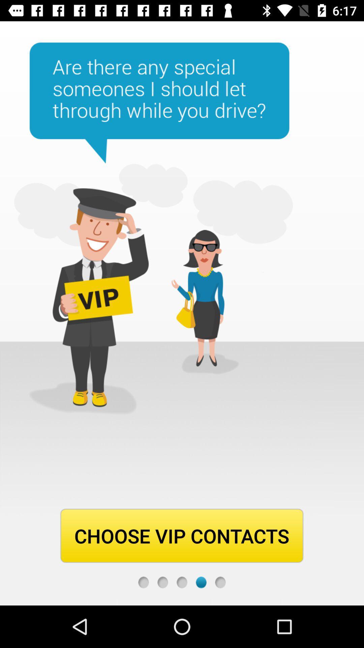 The image size is (364, 648). Describe the element at coordinates (182, 582) in the screenshot. I see `return to previous image` at that location.